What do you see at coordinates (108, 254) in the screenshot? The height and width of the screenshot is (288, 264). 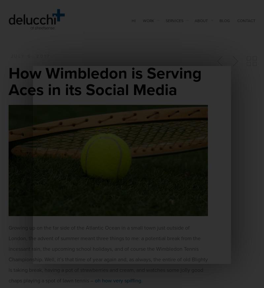 I see `'Growing up on the far side of the Atlantic Ocean in a small town just outside of London, the advent of summer meant three things to me: a potential break from the incessant rain, the upcoming school holidays, and of course the Wimbledon Tennis Championship. Well, it’s that time of year again and, as always, the entire of old Blighty is taking break, having a pot of strawberries and cream, and watches some jolly good chaps playing a spot of lawn tennis –'` at bounding box center [108, 254].